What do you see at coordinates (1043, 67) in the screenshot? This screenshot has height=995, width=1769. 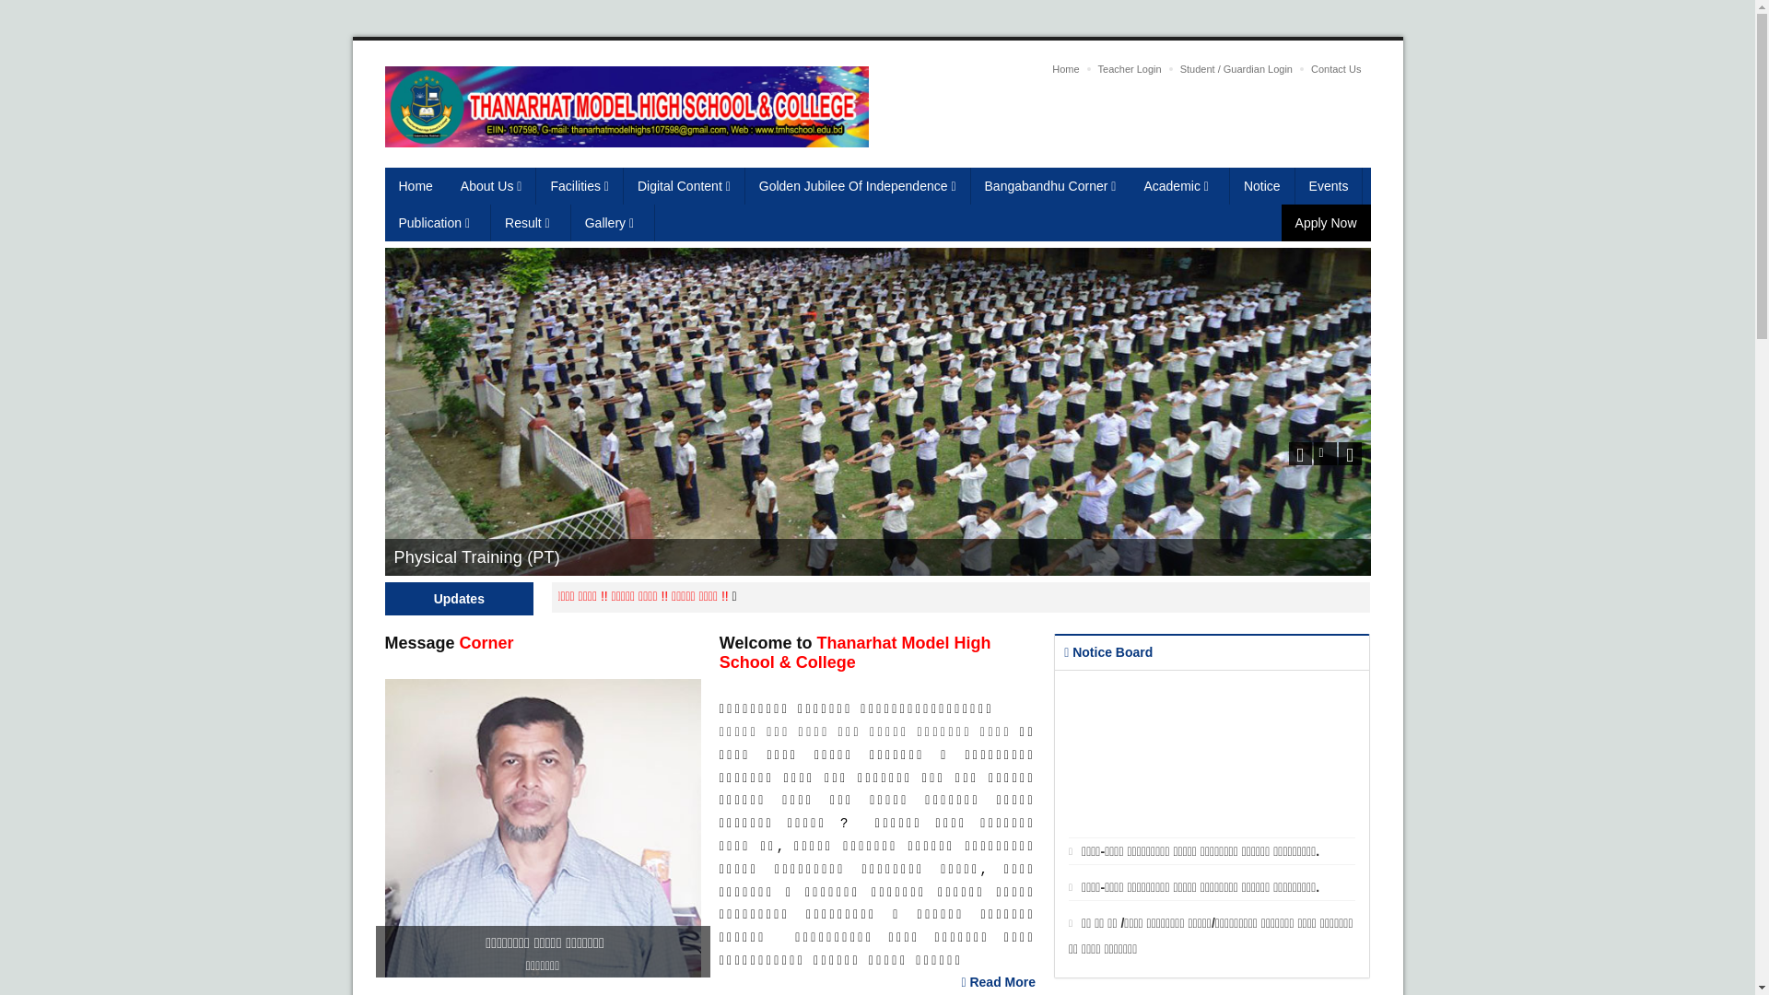 I see `'Home'` at bounding box center [1043, 67].